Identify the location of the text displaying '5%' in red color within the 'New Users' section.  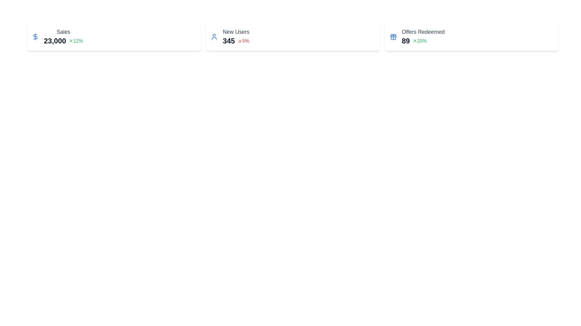
(243, 41).